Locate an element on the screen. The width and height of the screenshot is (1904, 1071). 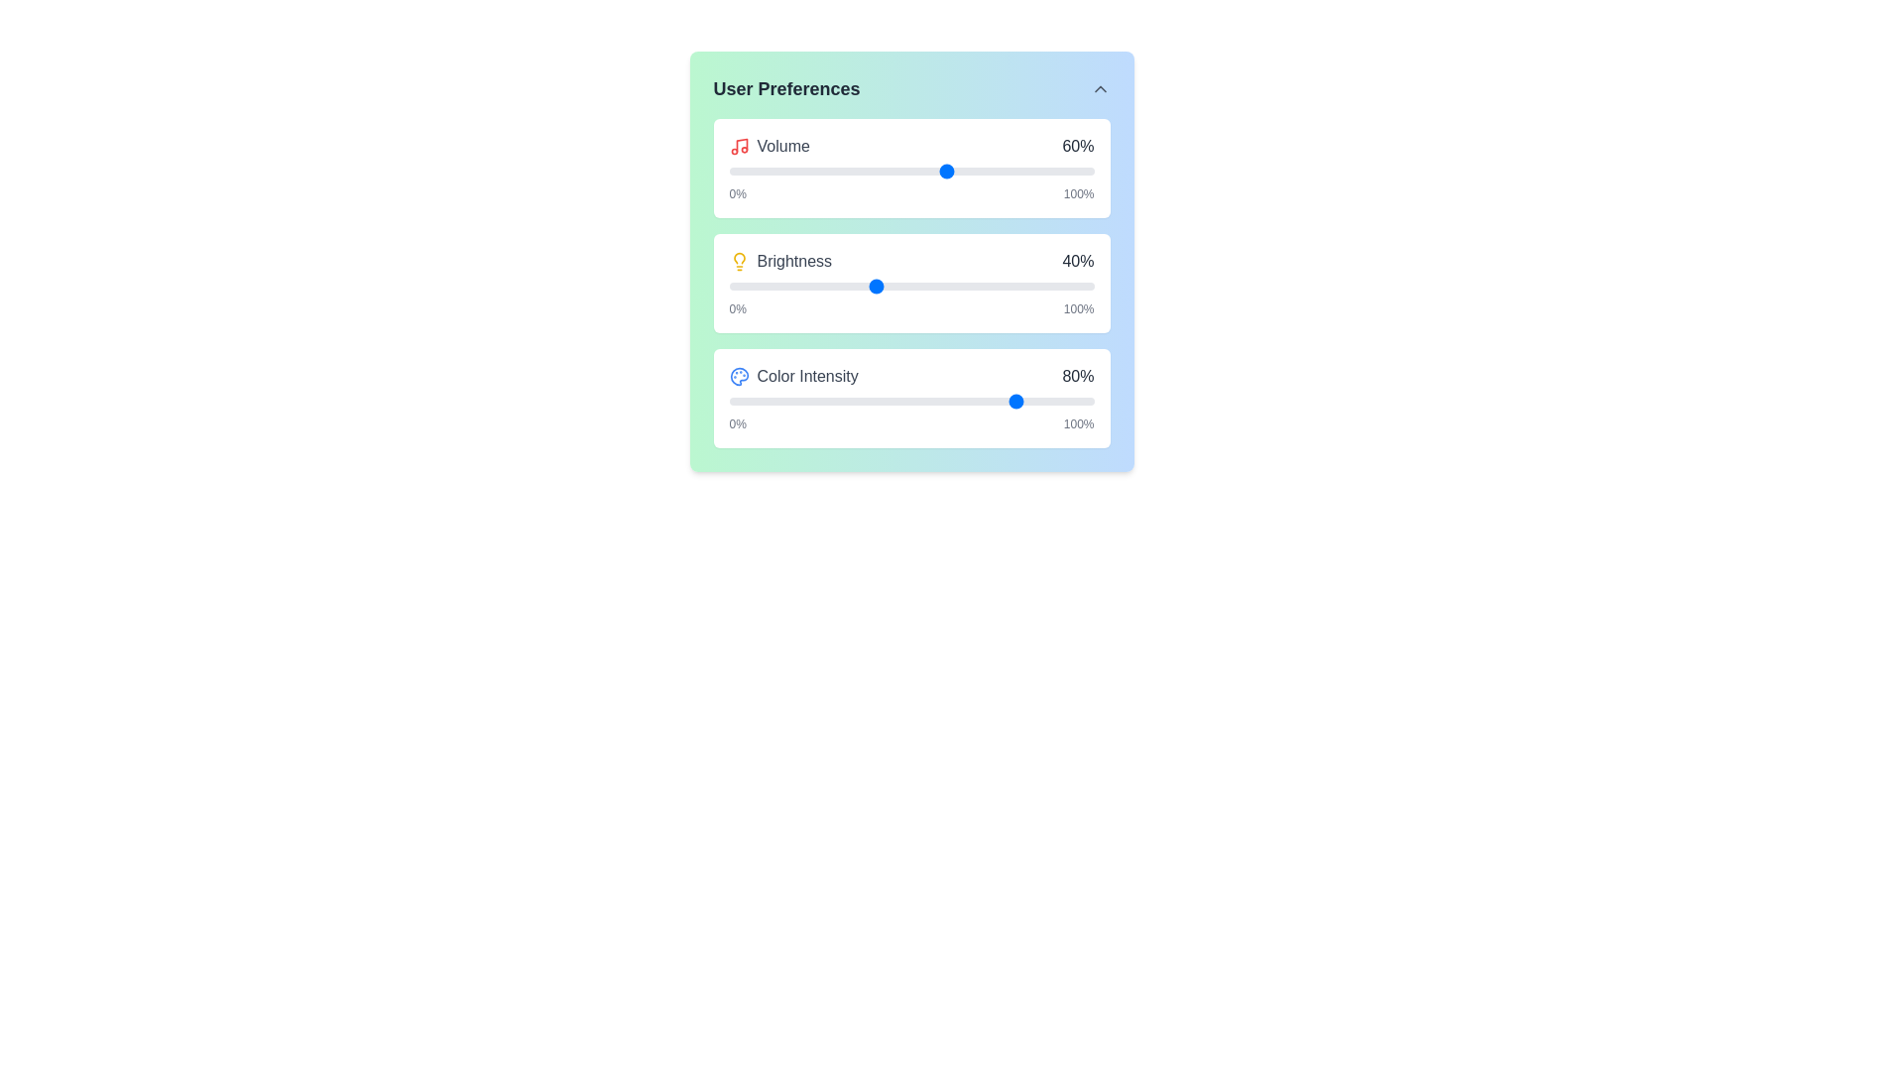
the brightness level is located at coordinates (746, 287).